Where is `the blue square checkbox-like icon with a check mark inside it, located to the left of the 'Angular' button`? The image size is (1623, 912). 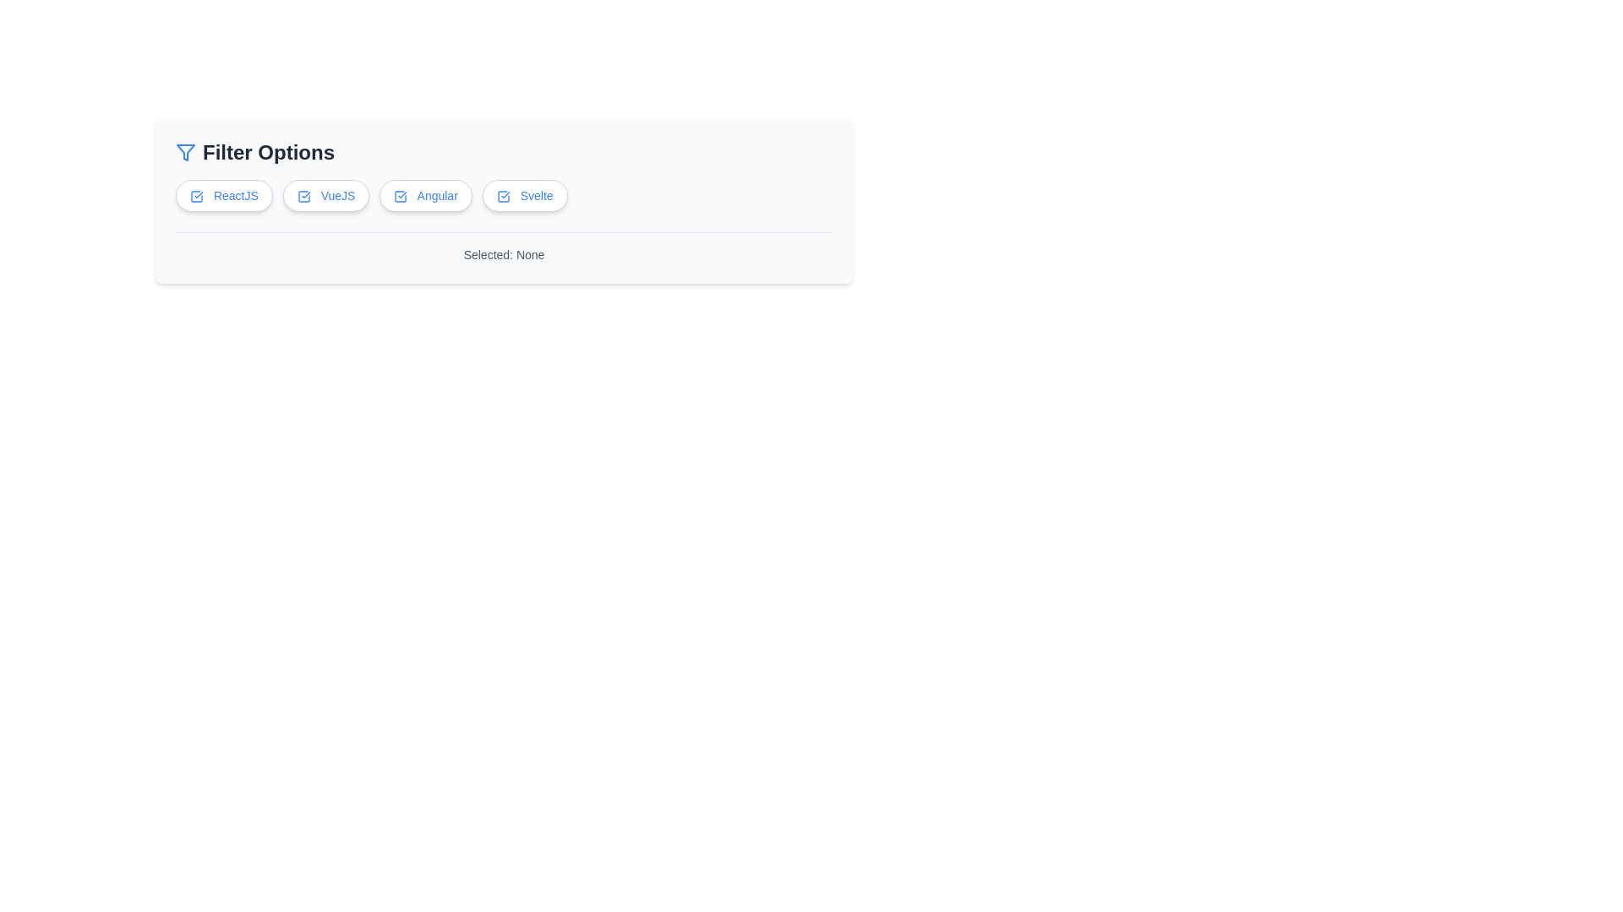
the blue square checkbox-like icon with a check mark inside it, located to the left of the 'Angular' button is located at coordinates (400, 196).